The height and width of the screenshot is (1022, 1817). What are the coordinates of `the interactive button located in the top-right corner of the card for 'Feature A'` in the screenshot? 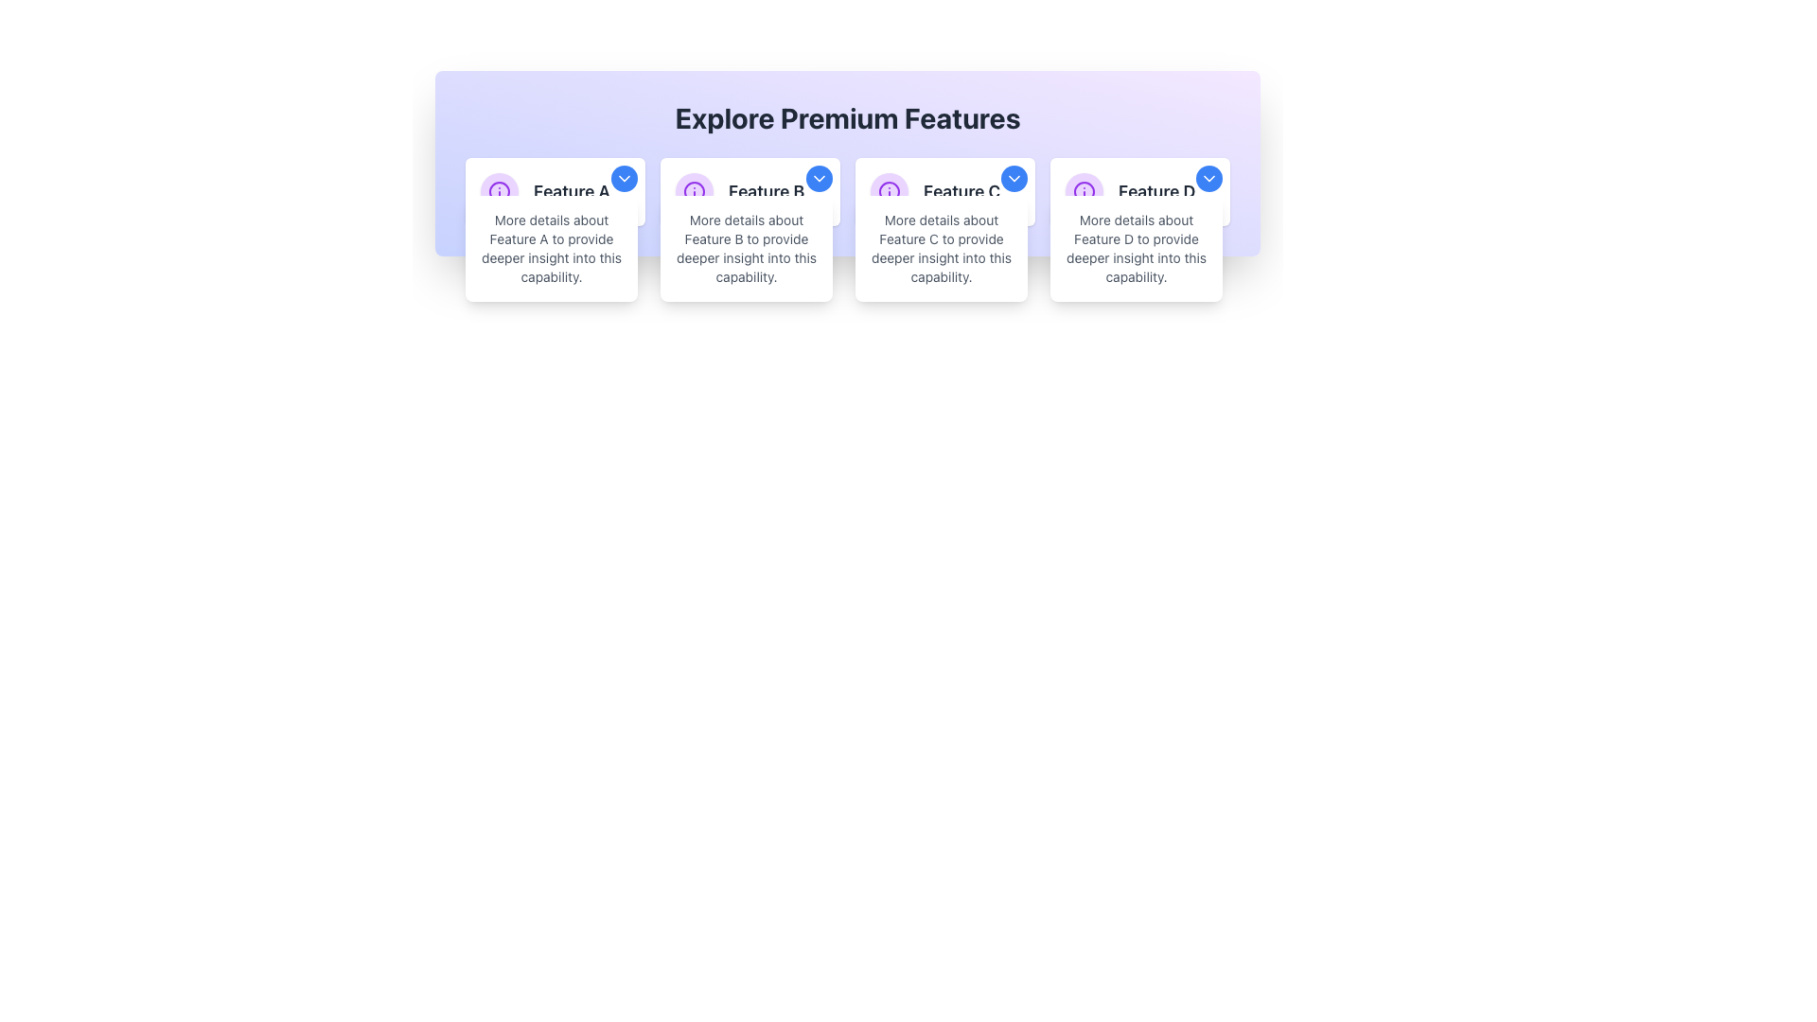 It's located at (625, 179).